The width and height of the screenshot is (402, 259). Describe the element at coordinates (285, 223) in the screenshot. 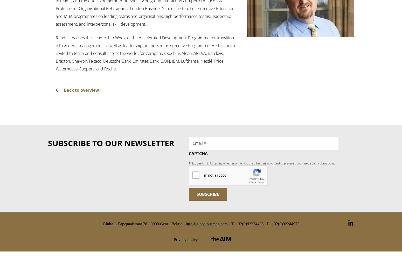

I see `'+32(0)92244973'` at that location.